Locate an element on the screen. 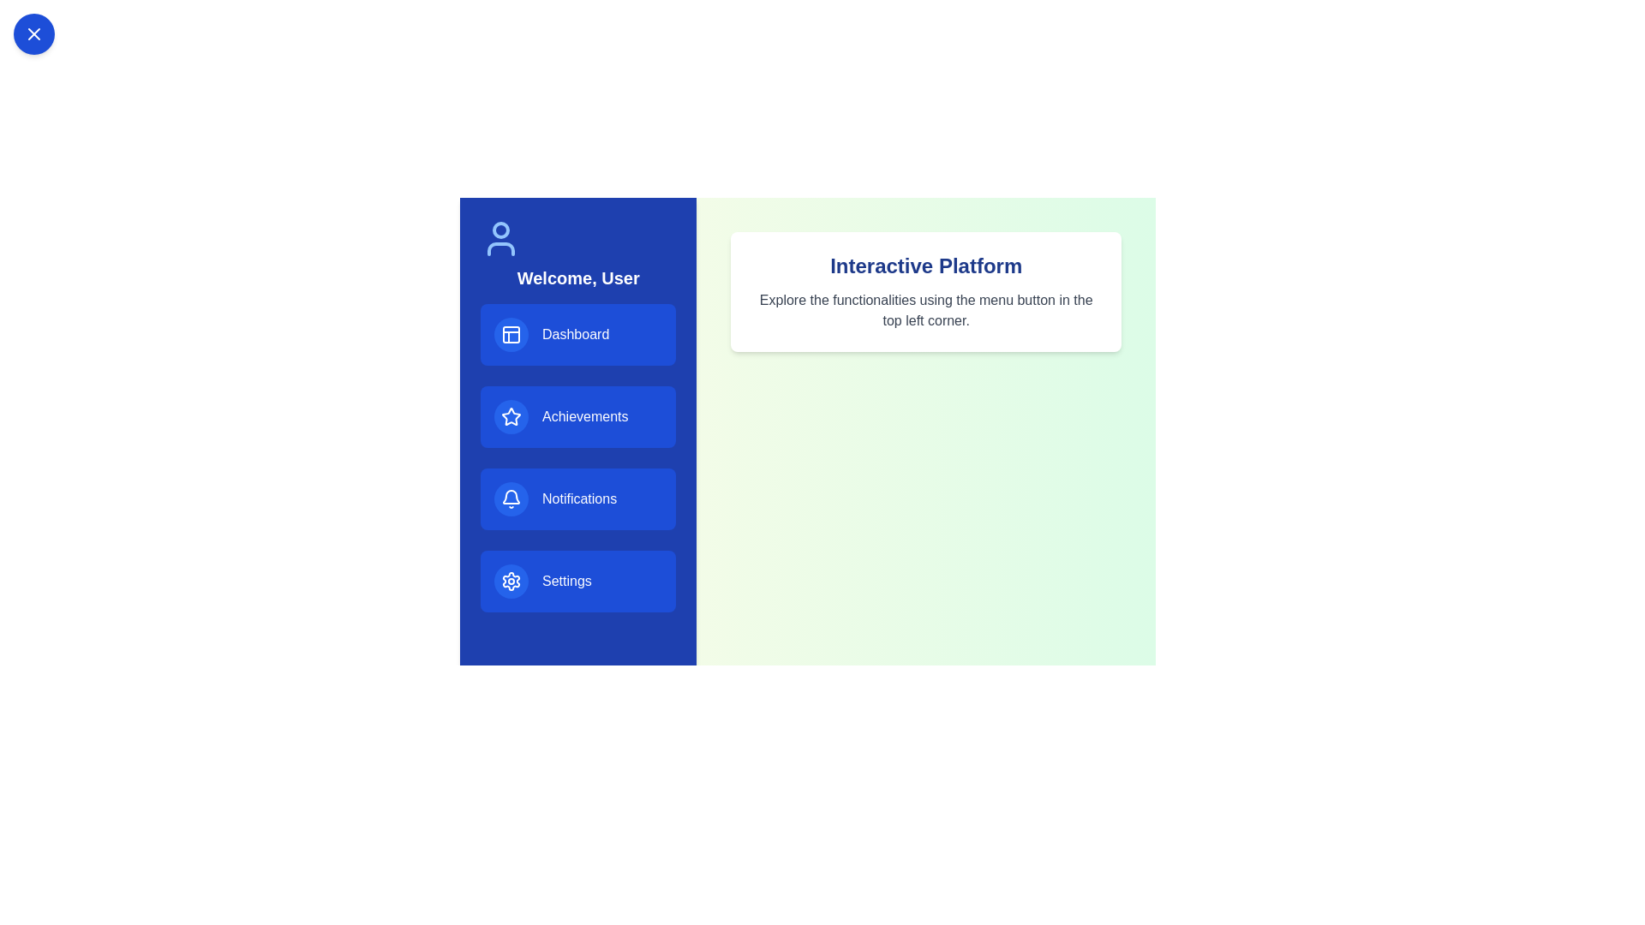 The width and height of the screenshot is (1645, 925). the user profile icon to open the profile options is located at coordinates (500, 238).